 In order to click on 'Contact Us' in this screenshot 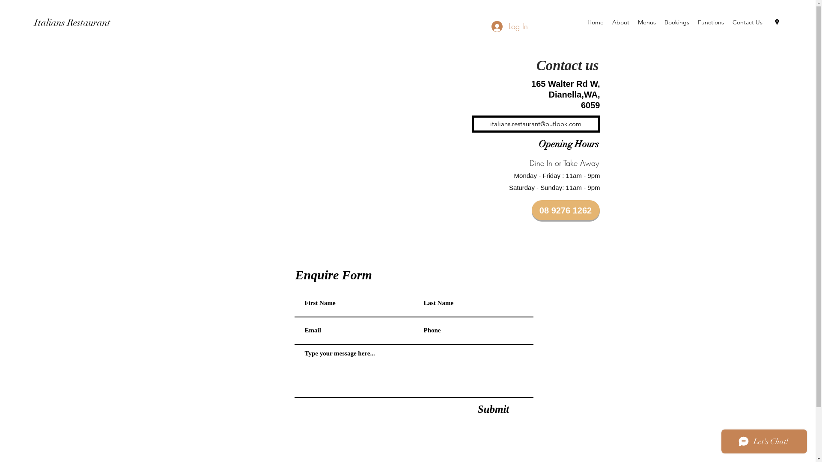, I will do `click(747, 21)`.